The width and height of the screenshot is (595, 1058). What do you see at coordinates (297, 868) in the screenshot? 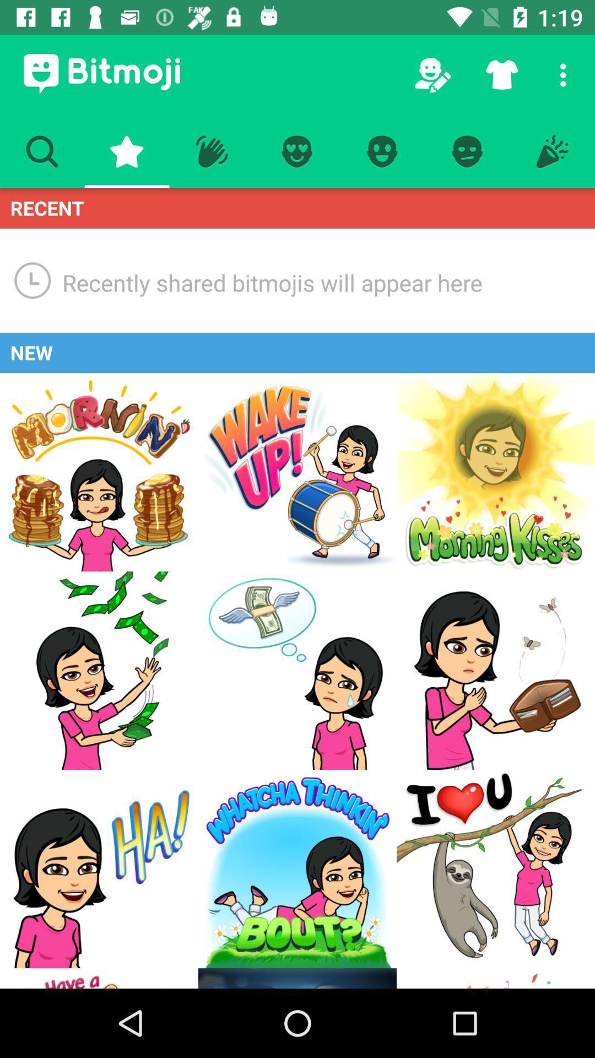
I see `emoji` at bounding box center [297, 868].